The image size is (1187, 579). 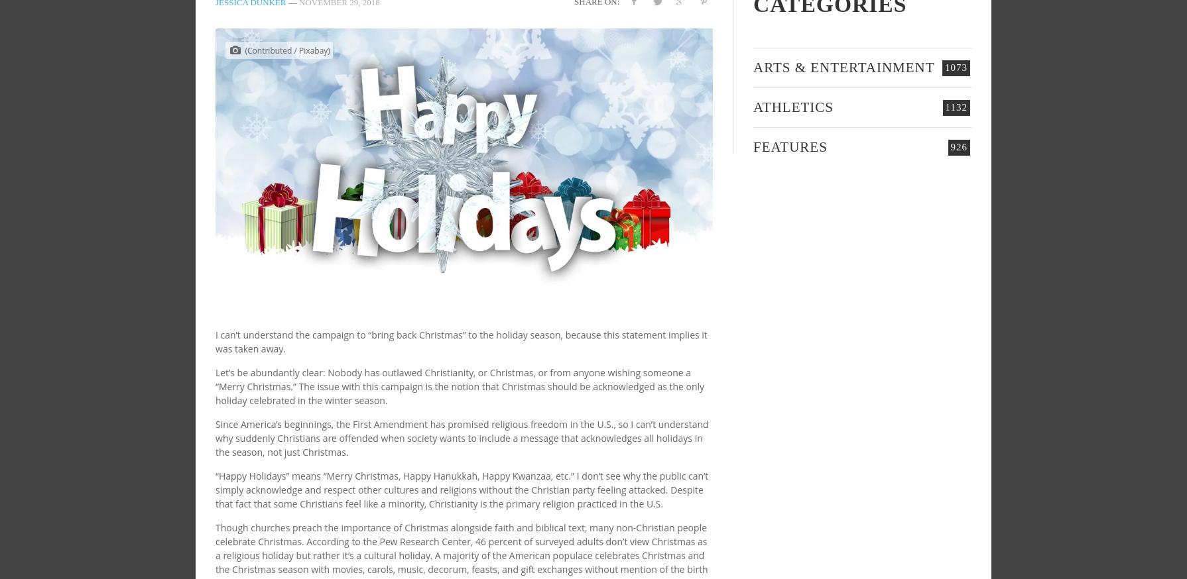 I want to click on 'I can’t understand the campaign to “bring back Christmas” to the holiday season, because this statement implies it was taken away.', so click(x=460, y=342).